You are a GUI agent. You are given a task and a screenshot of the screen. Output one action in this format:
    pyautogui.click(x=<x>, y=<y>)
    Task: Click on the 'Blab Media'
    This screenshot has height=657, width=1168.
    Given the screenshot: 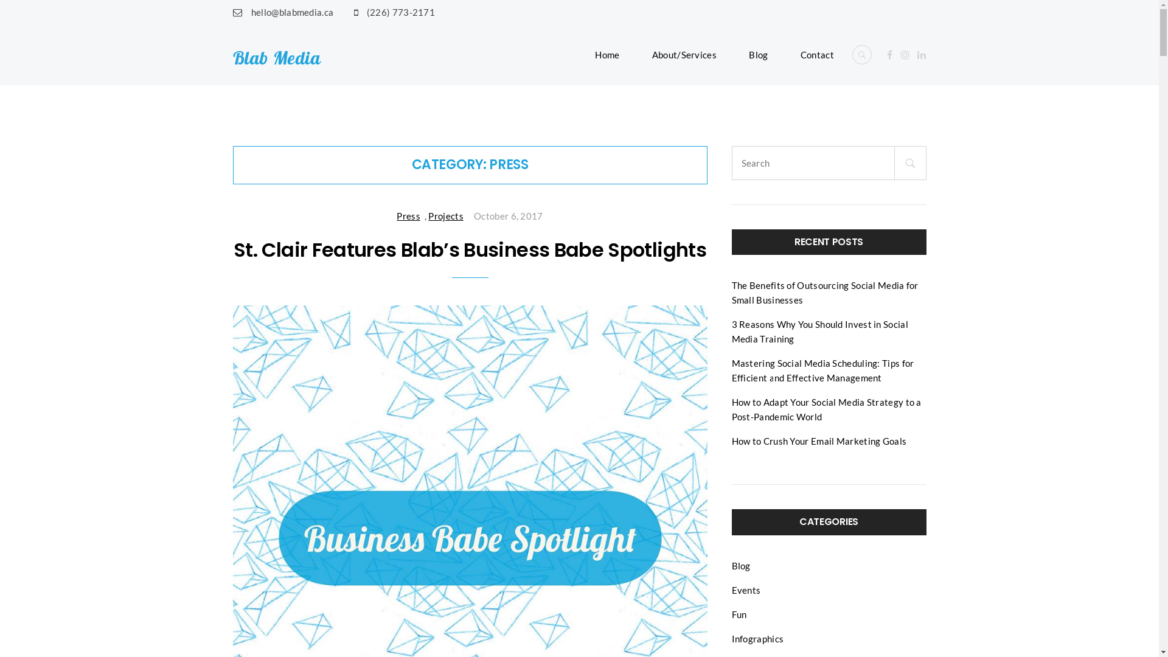 What is the action you would take?
    pyautogui.click(x=232, y=58)
    